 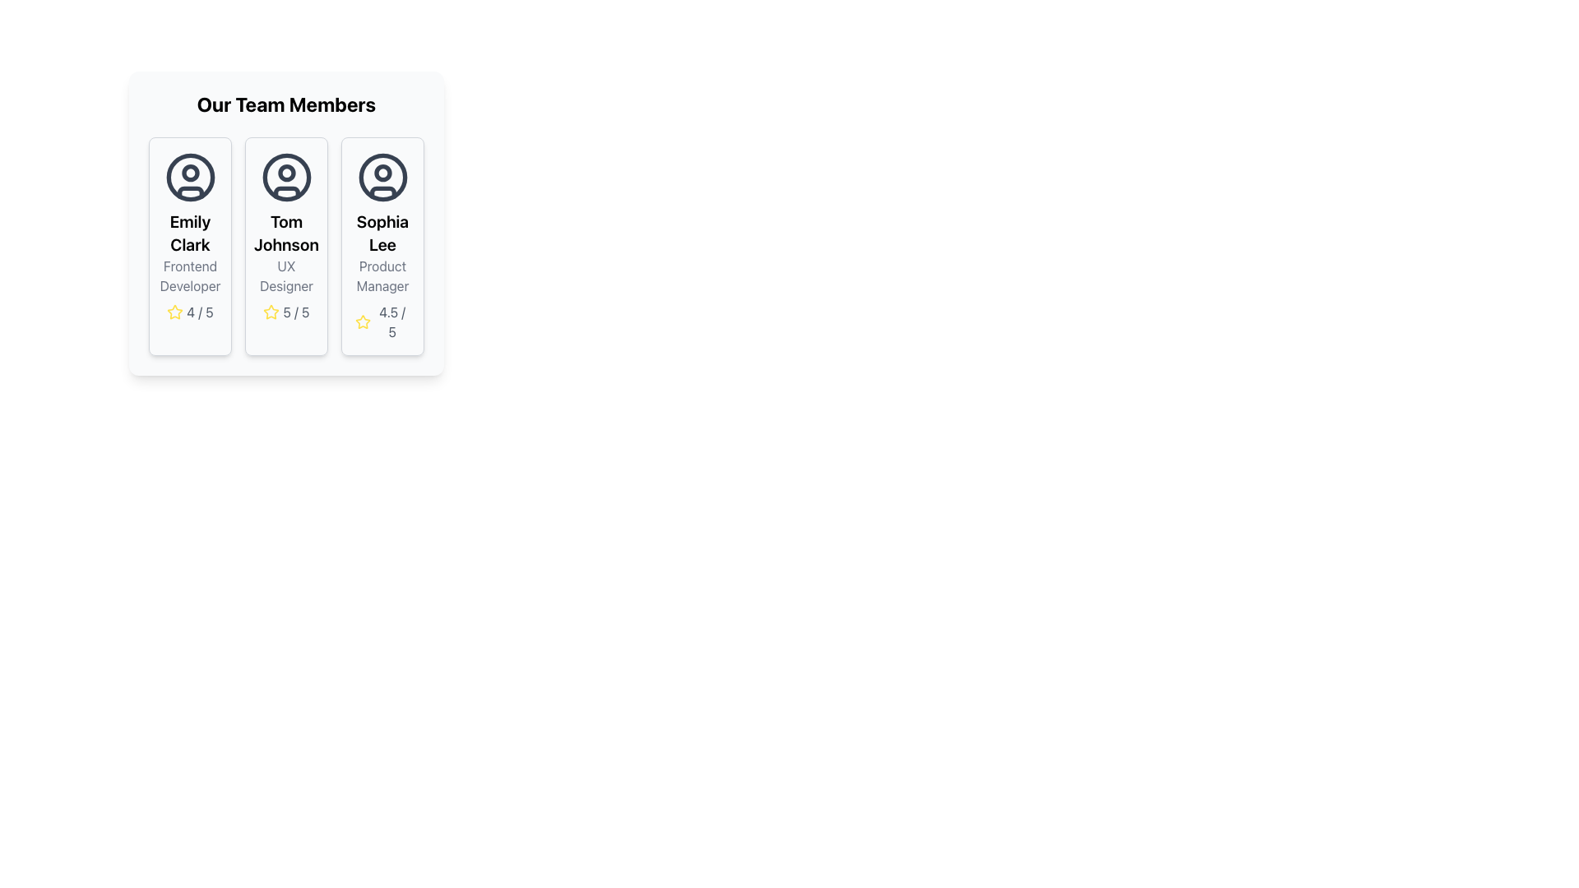 I want to click on the decorative circular shape within the user profile icon of Emily Clark's profile card, which is centrally located at the top of the card, so click(x=190, y=178).